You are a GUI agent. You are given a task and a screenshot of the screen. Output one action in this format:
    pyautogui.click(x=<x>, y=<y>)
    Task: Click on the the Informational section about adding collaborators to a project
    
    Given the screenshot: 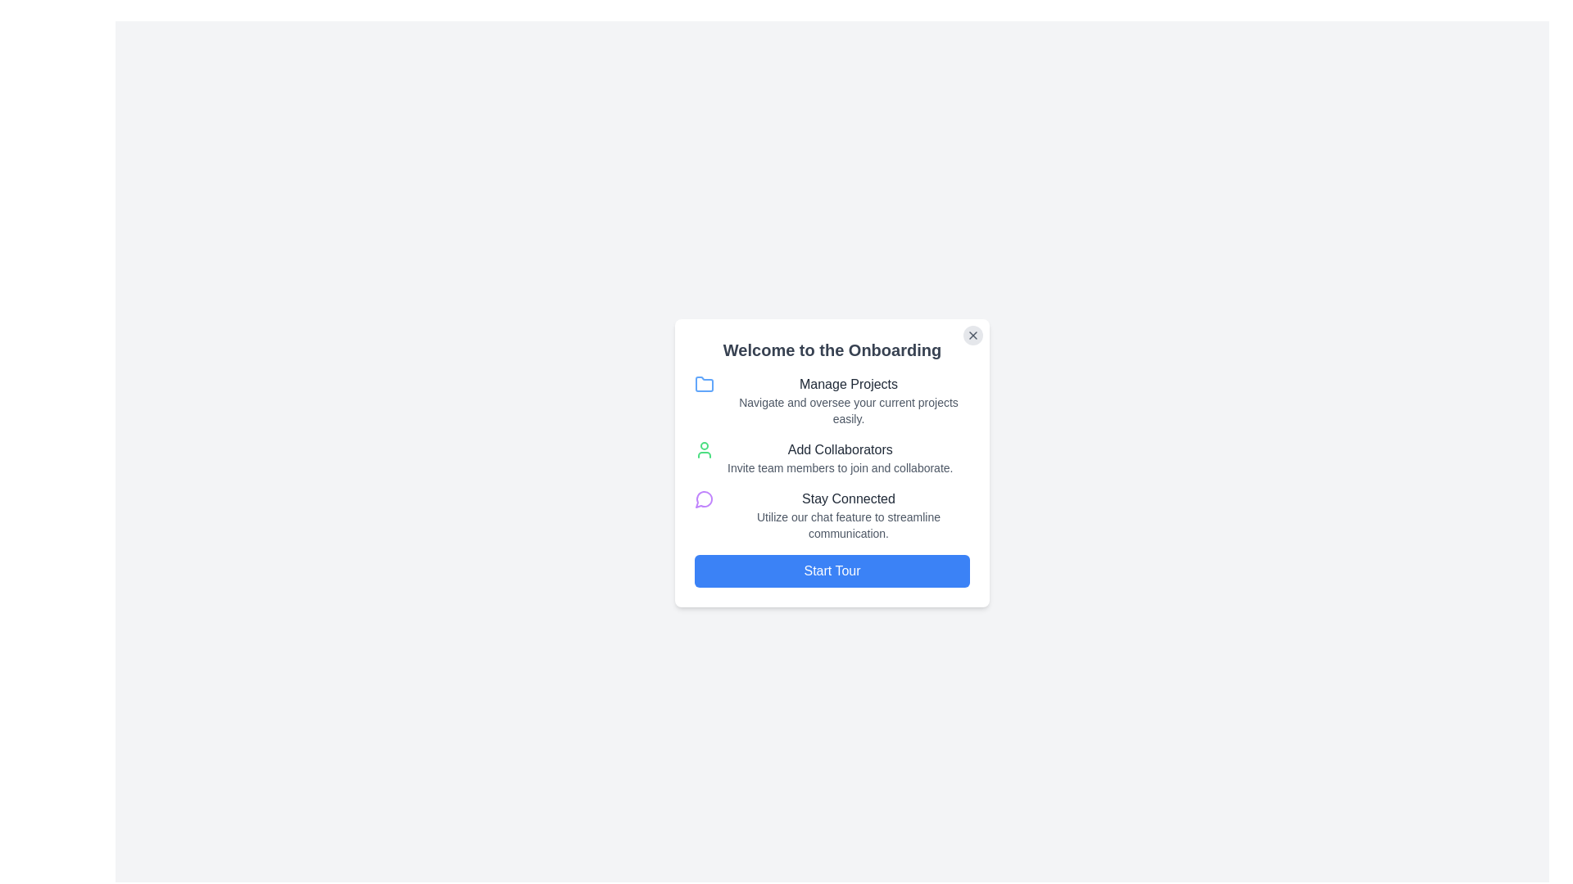 What is the action you would take?
    pyautogui.click(x=832, y=458)
    